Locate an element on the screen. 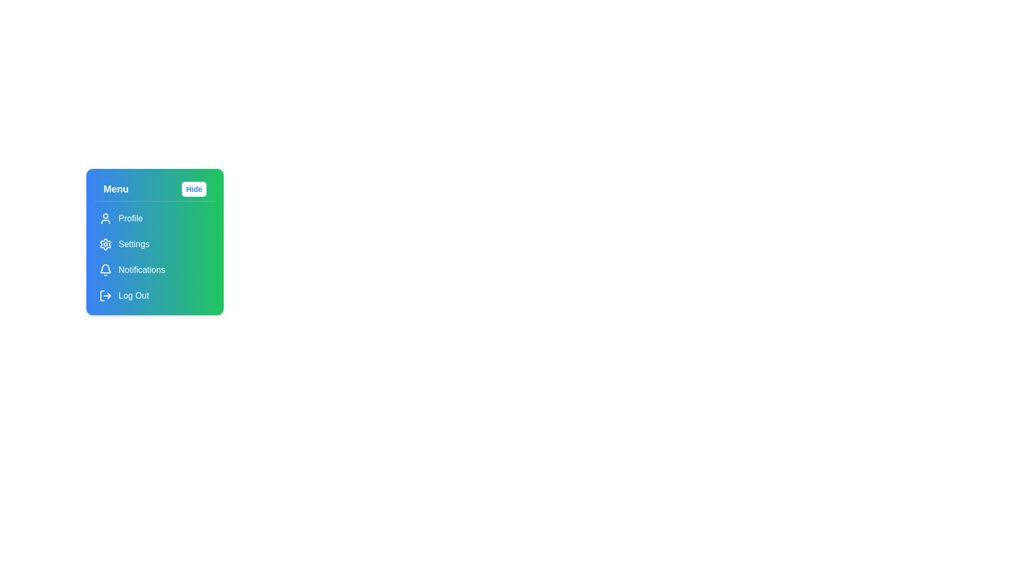  the 'Profile' text label that indicates the profile section of the menu, positioned beneath the 'Menu' header and aligned with the user icon is located at coordinates (130, 218).